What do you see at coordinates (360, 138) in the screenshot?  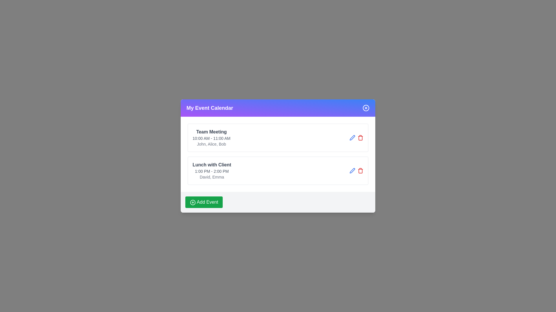 I see `the delete button for the 'Lunch with Client' event in the calendar interface` at bounding box center [360, 138].